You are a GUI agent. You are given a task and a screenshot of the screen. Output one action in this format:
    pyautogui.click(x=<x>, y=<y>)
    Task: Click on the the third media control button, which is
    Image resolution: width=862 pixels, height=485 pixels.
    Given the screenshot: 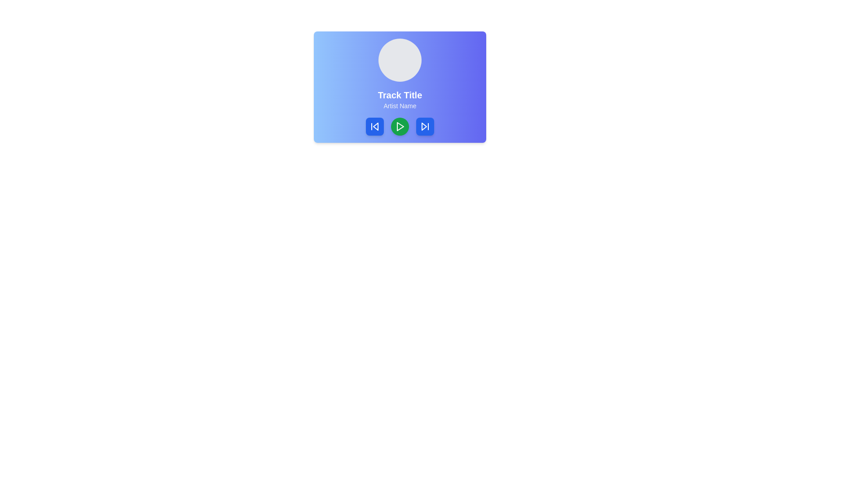 What is the action you would take?
    pyautogui.click(x=424, y=126)
    